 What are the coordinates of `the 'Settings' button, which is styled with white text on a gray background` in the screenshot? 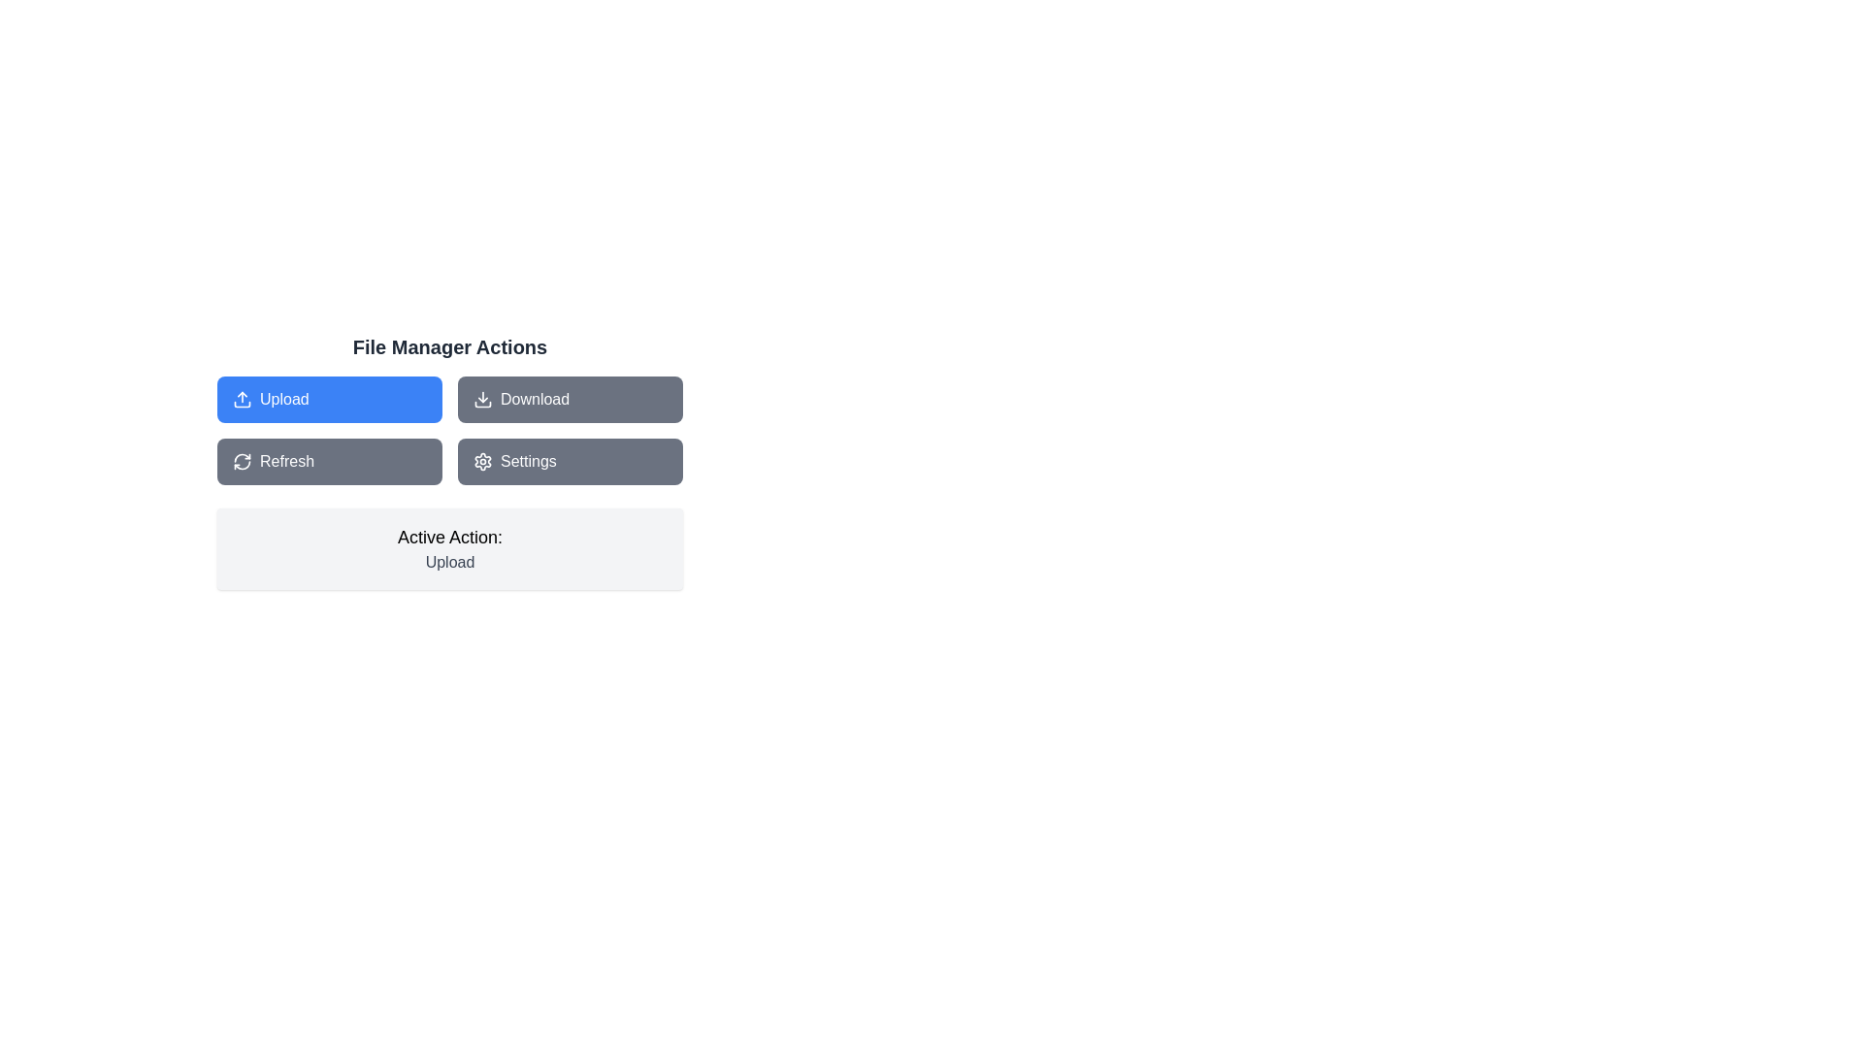 It's located at (528, 461).